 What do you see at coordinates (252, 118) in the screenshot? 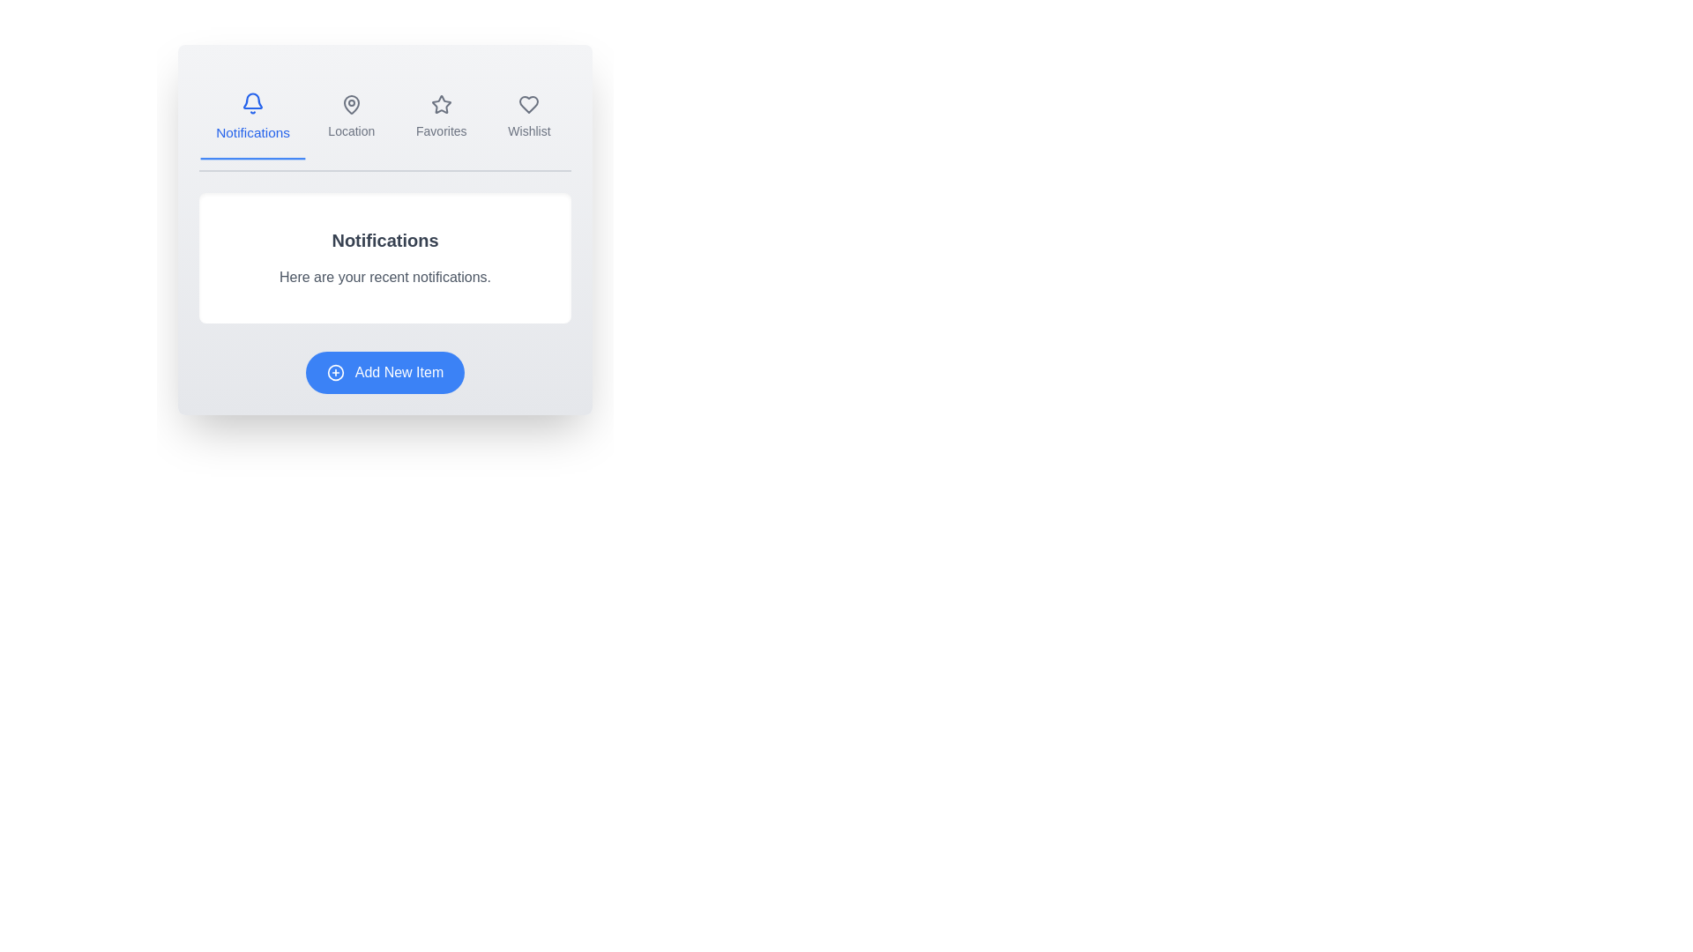
I see `the tab labeled Notifications` at bounding box center [252, 118].